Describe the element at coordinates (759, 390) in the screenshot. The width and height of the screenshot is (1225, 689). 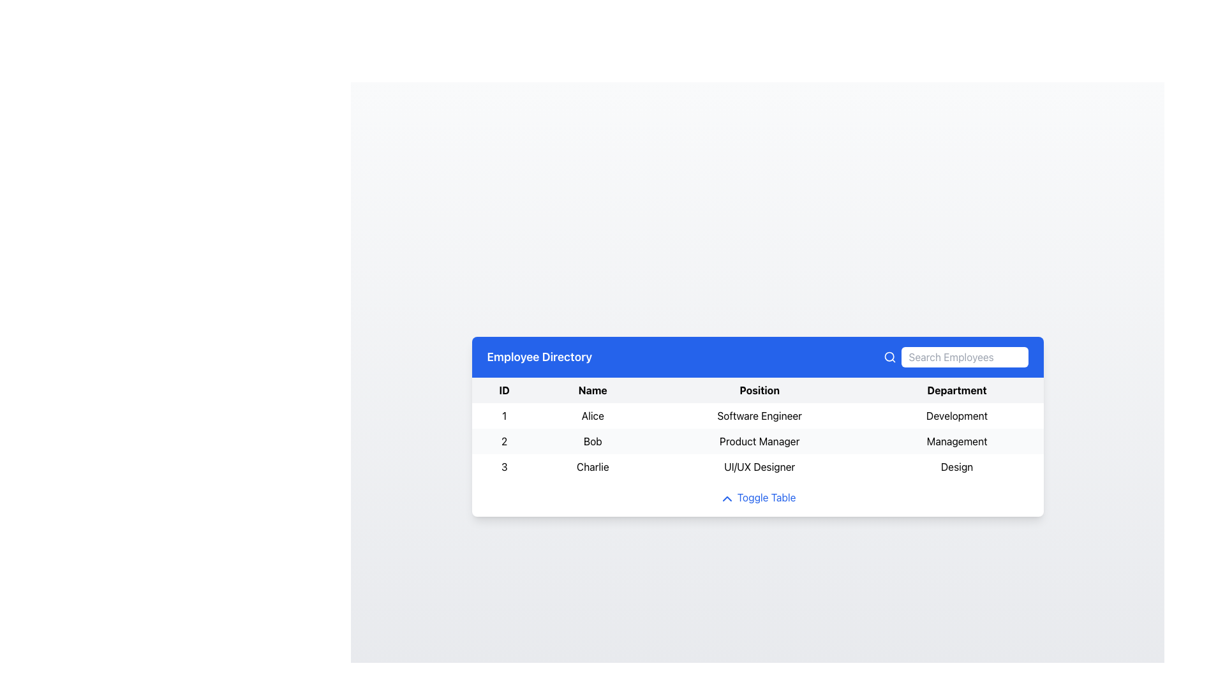
I see `the 'Position' text label in the header row of the table, which indicates the job positions or titles` at that location.